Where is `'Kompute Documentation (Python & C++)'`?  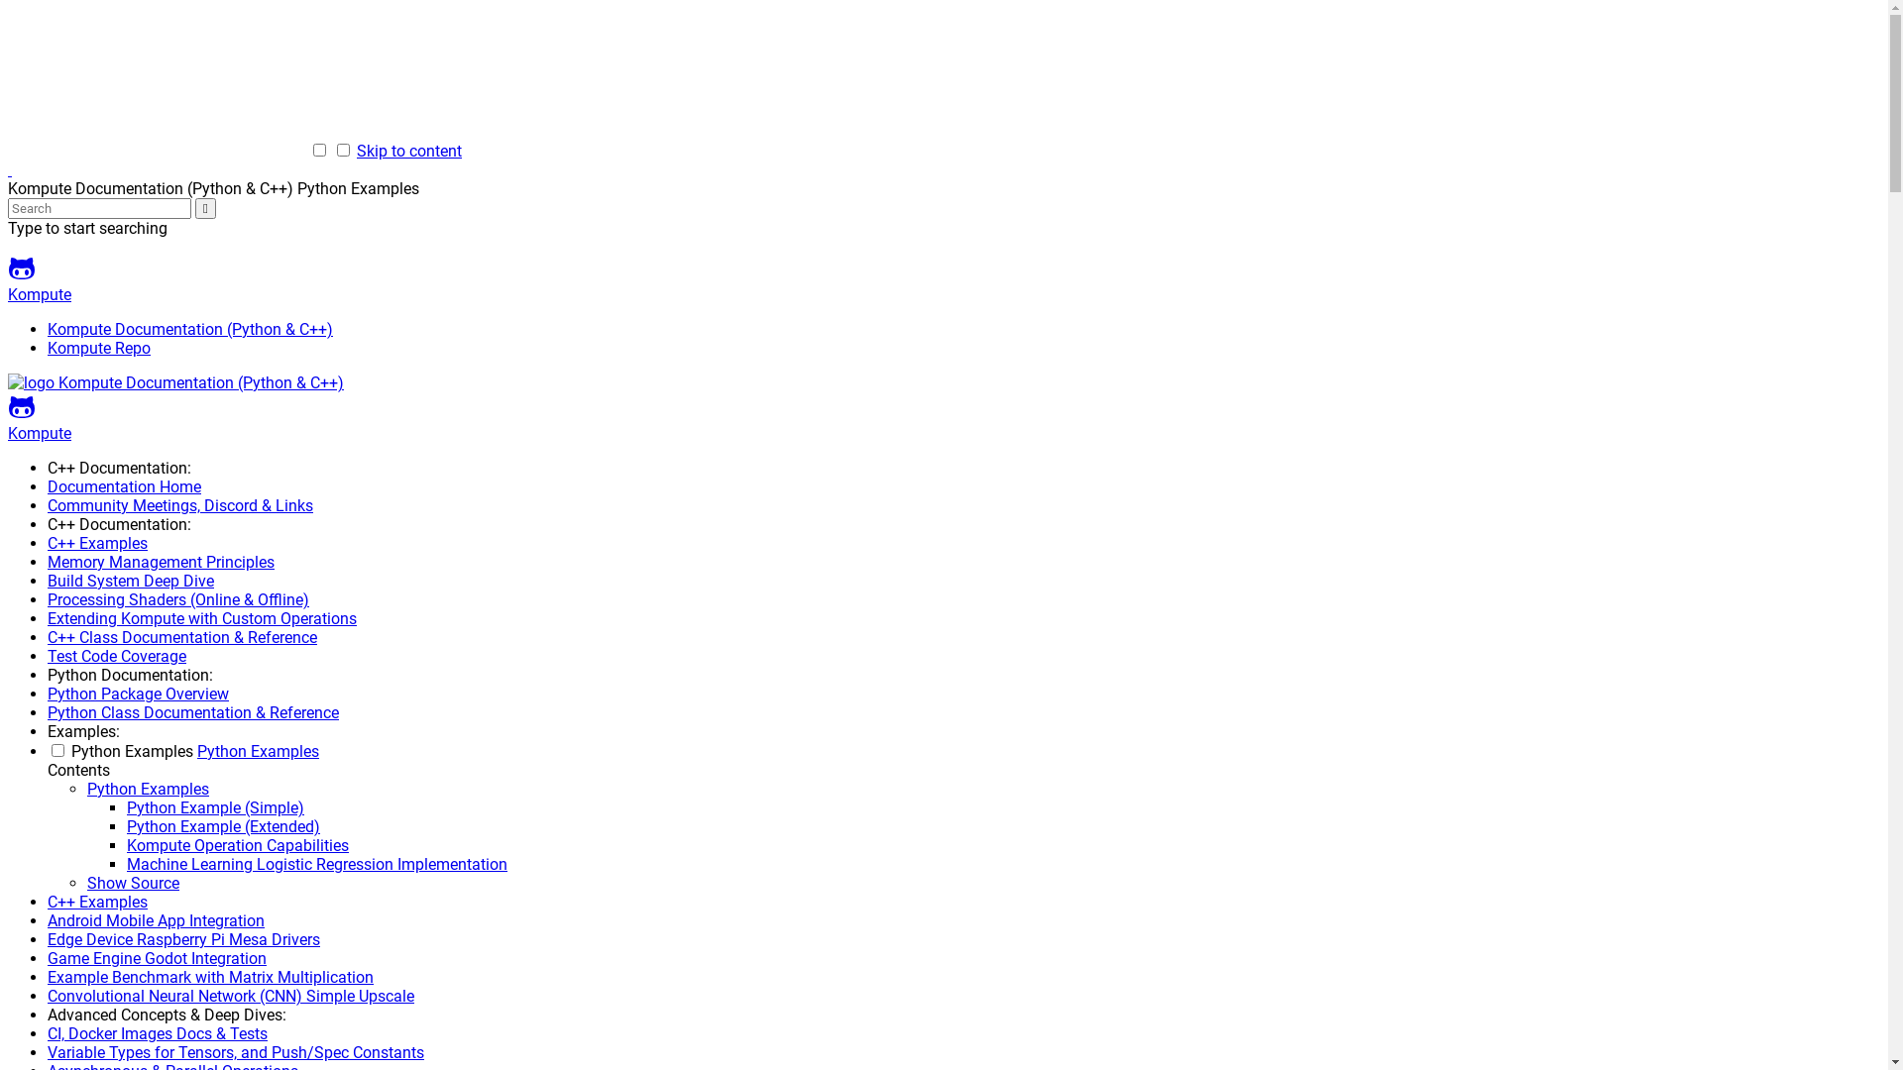 'Kompute Documentation (Python & C++)' is located at coordinates (190, 328).